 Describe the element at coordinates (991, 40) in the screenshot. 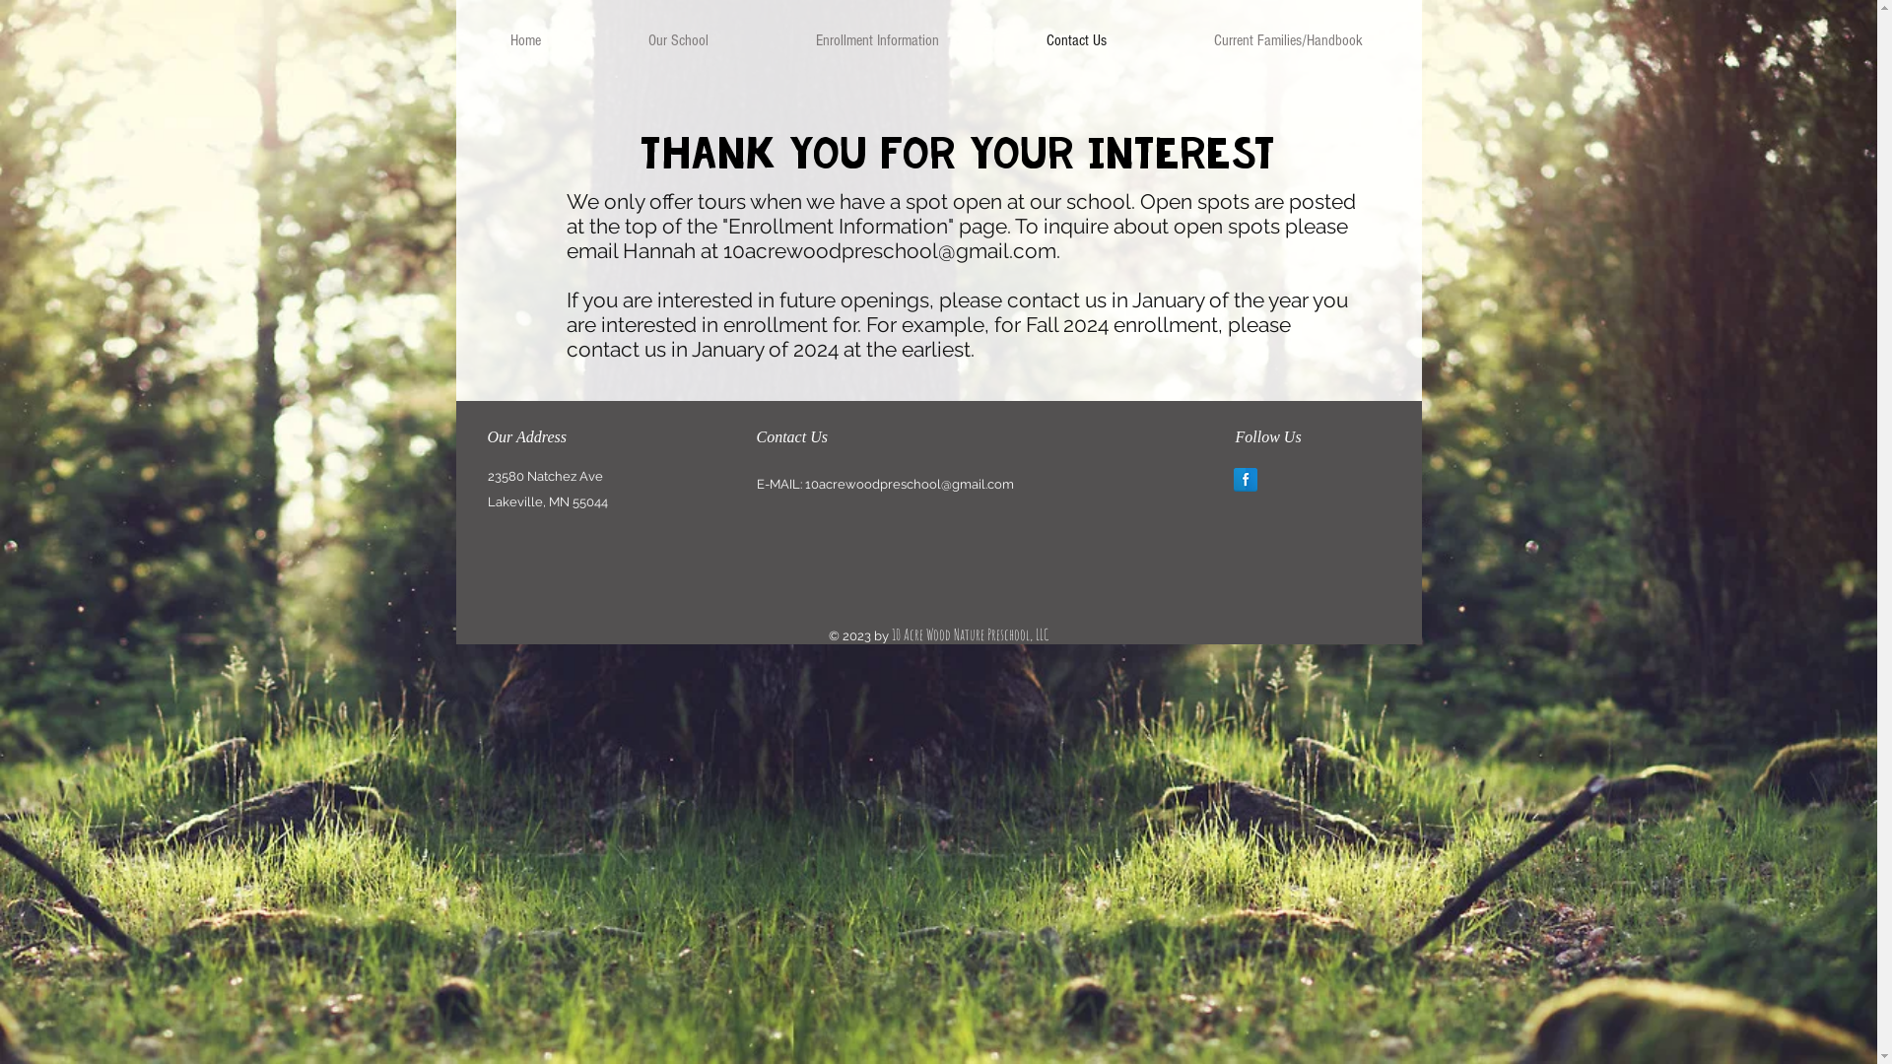

I see `'Contact Us'` at that location.